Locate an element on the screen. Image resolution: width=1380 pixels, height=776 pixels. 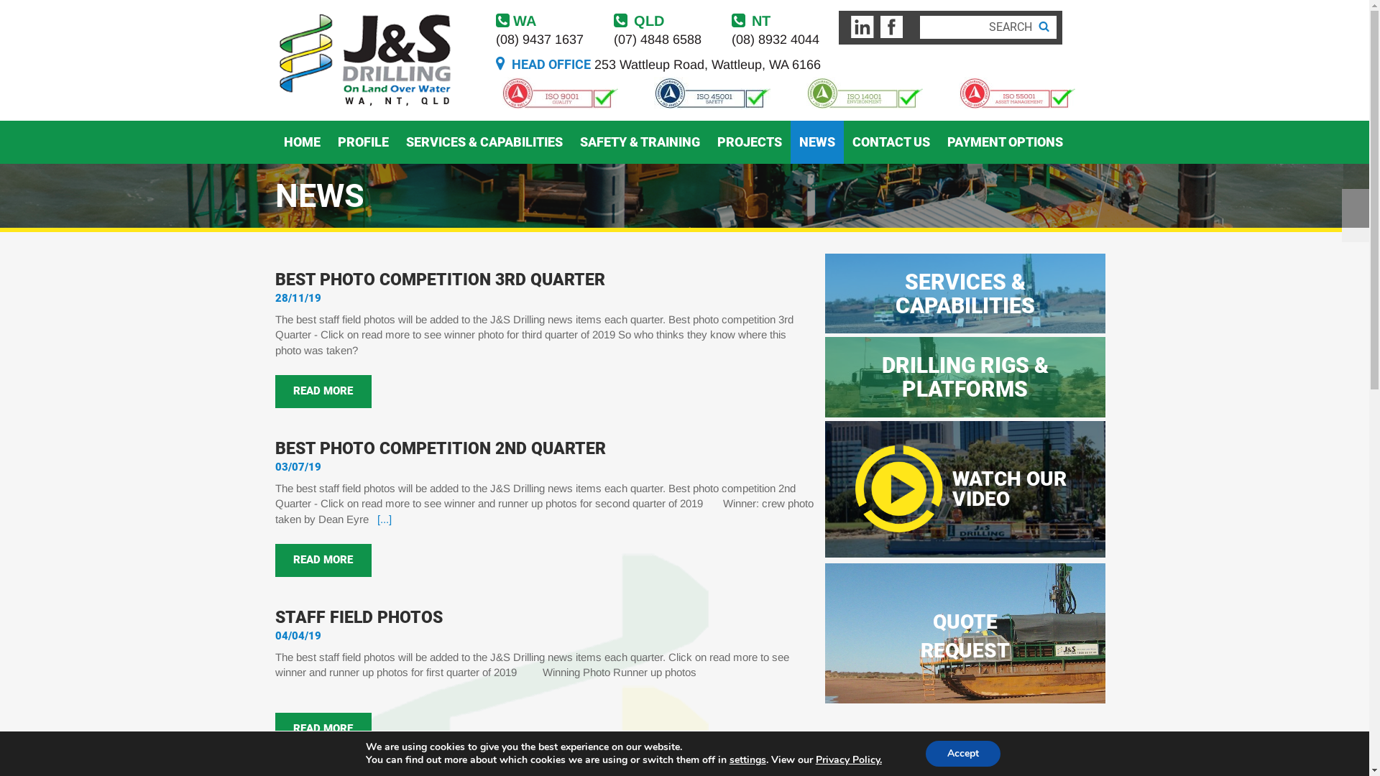
'Privacy Policy' is located at coordinates (847, 759).